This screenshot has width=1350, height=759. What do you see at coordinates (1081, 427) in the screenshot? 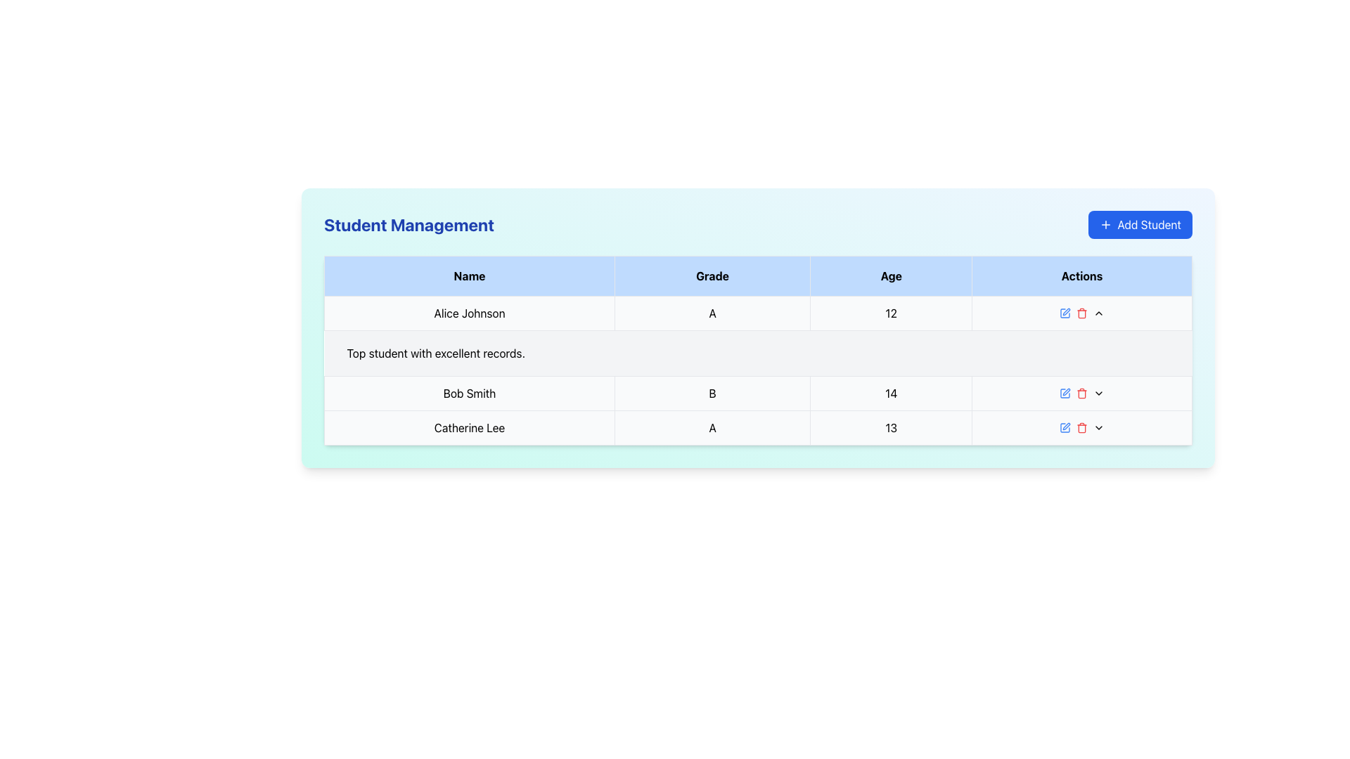
I see `the dropdown arrow in the Action Menu for the table row corresponding to student 'Catherine Lee'` at bounding box center [1081, 427].